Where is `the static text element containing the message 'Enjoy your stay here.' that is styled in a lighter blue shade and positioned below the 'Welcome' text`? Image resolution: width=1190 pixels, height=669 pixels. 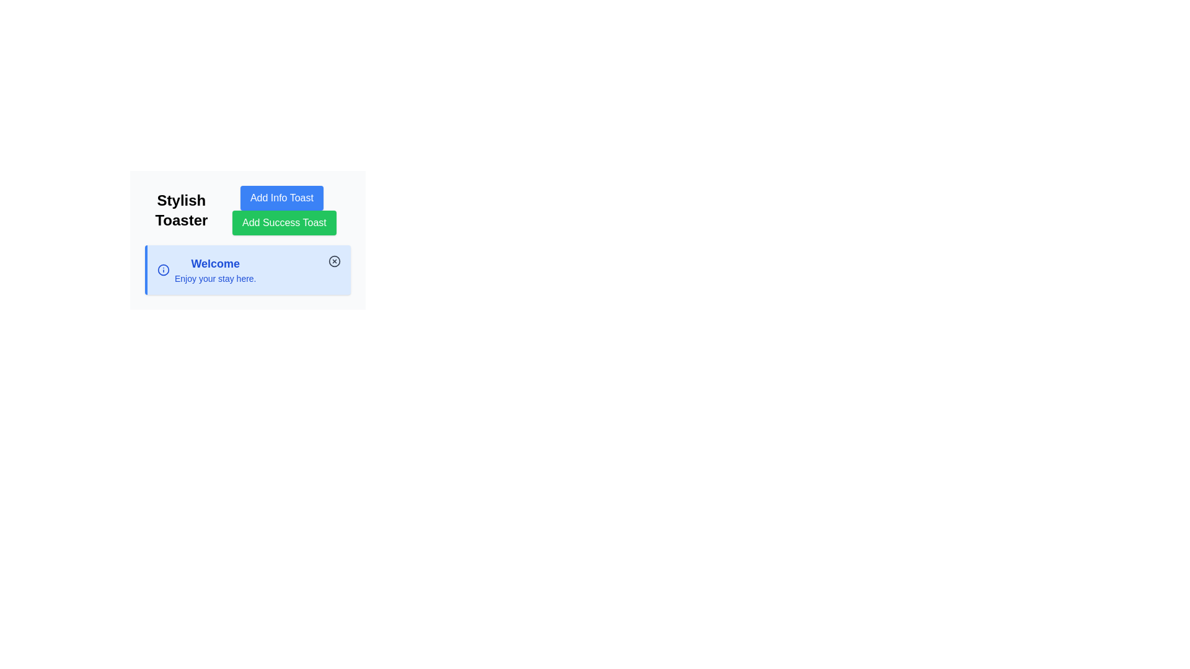
the static text element containing the message 'Enjoy your stay here.' that is styled in a lighter blue shade and positioned below the 'Welcome' text is located at coordinates (215, 279).